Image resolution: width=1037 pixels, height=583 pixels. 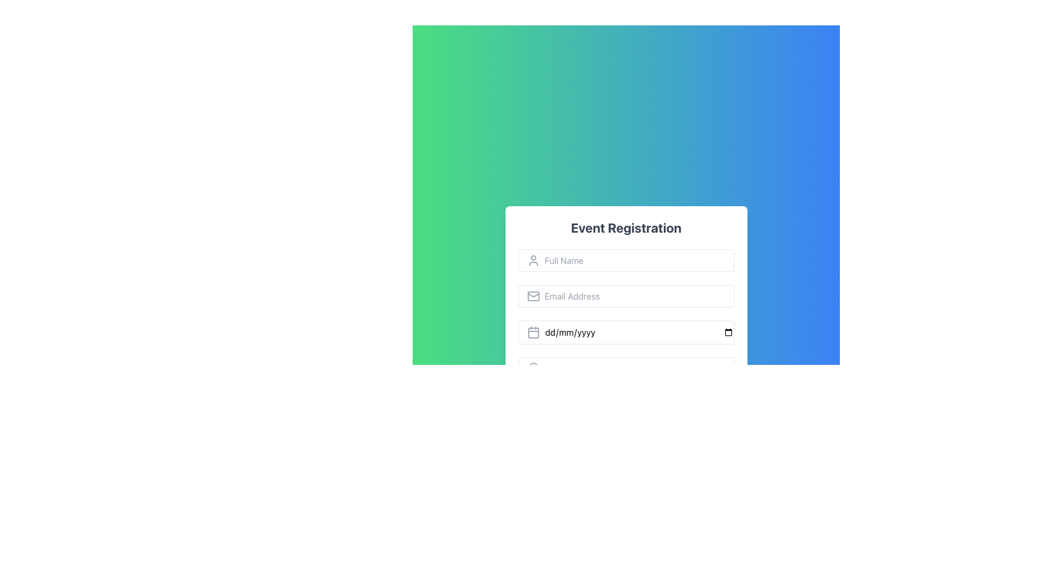 I want to click on the rectangular part of the mail envelope icon located in the email input section of the registration form, positioned to the left of the 'Email Address' input field, so click(x=533, y=296).